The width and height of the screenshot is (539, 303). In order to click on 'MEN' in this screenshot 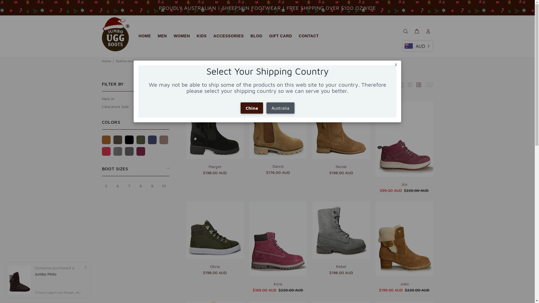, I will do `click(162, 36)`.